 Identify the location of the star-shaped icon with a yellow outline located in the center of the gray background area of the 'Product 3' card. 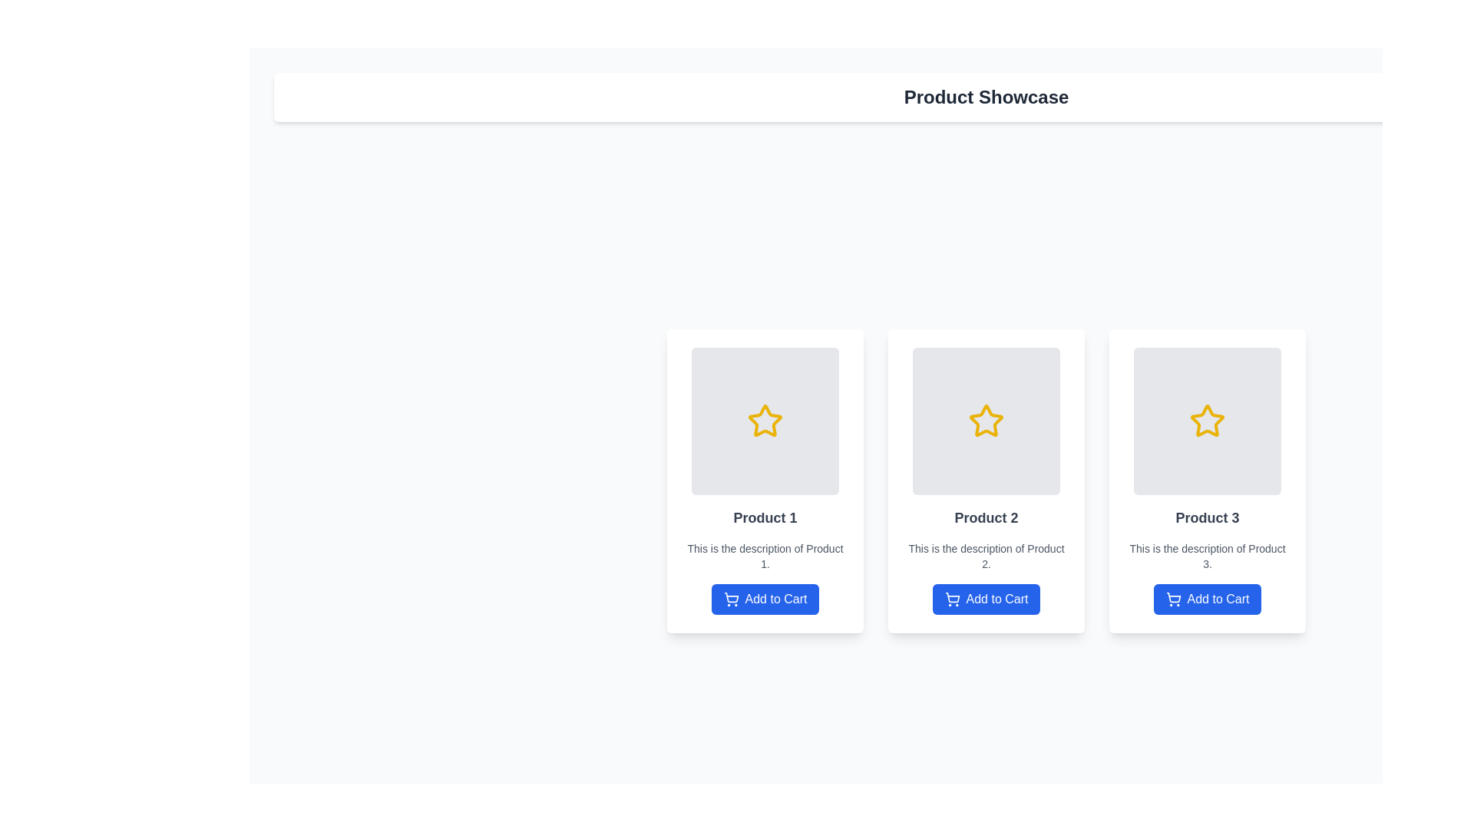
(1207, 421).